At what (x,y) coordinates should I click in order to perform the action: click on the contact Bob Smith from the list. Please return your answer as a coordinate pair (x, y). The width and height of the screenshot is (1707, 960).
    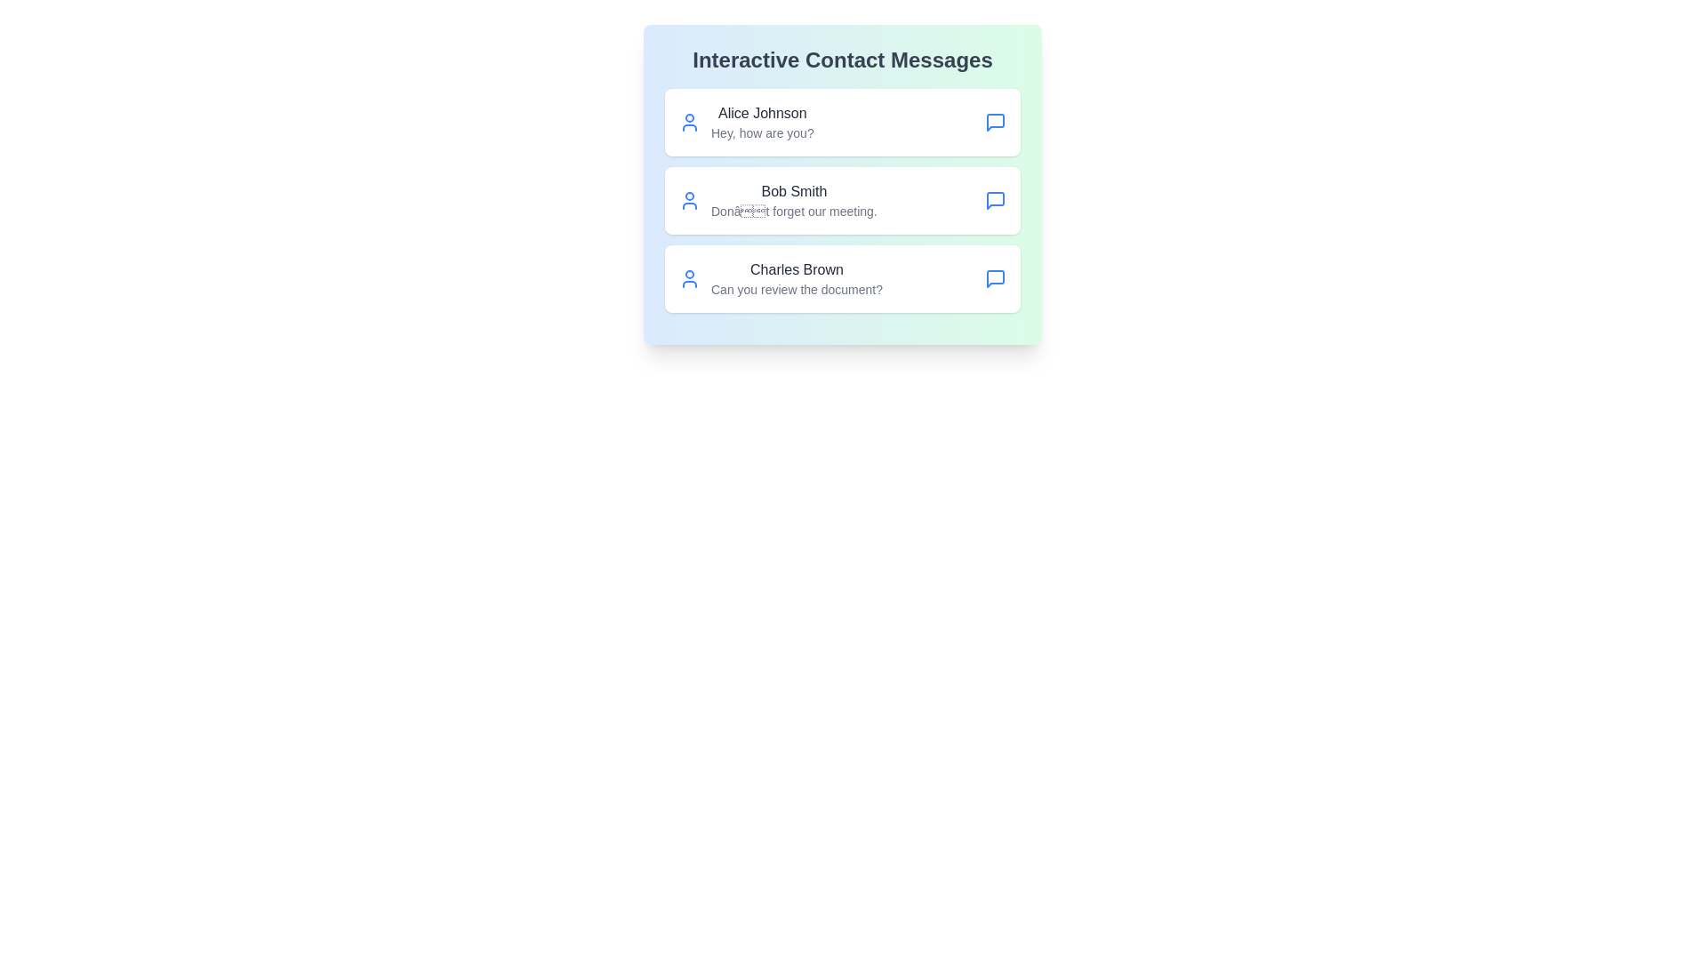
    Looking at the image, I should click on (842, 200).